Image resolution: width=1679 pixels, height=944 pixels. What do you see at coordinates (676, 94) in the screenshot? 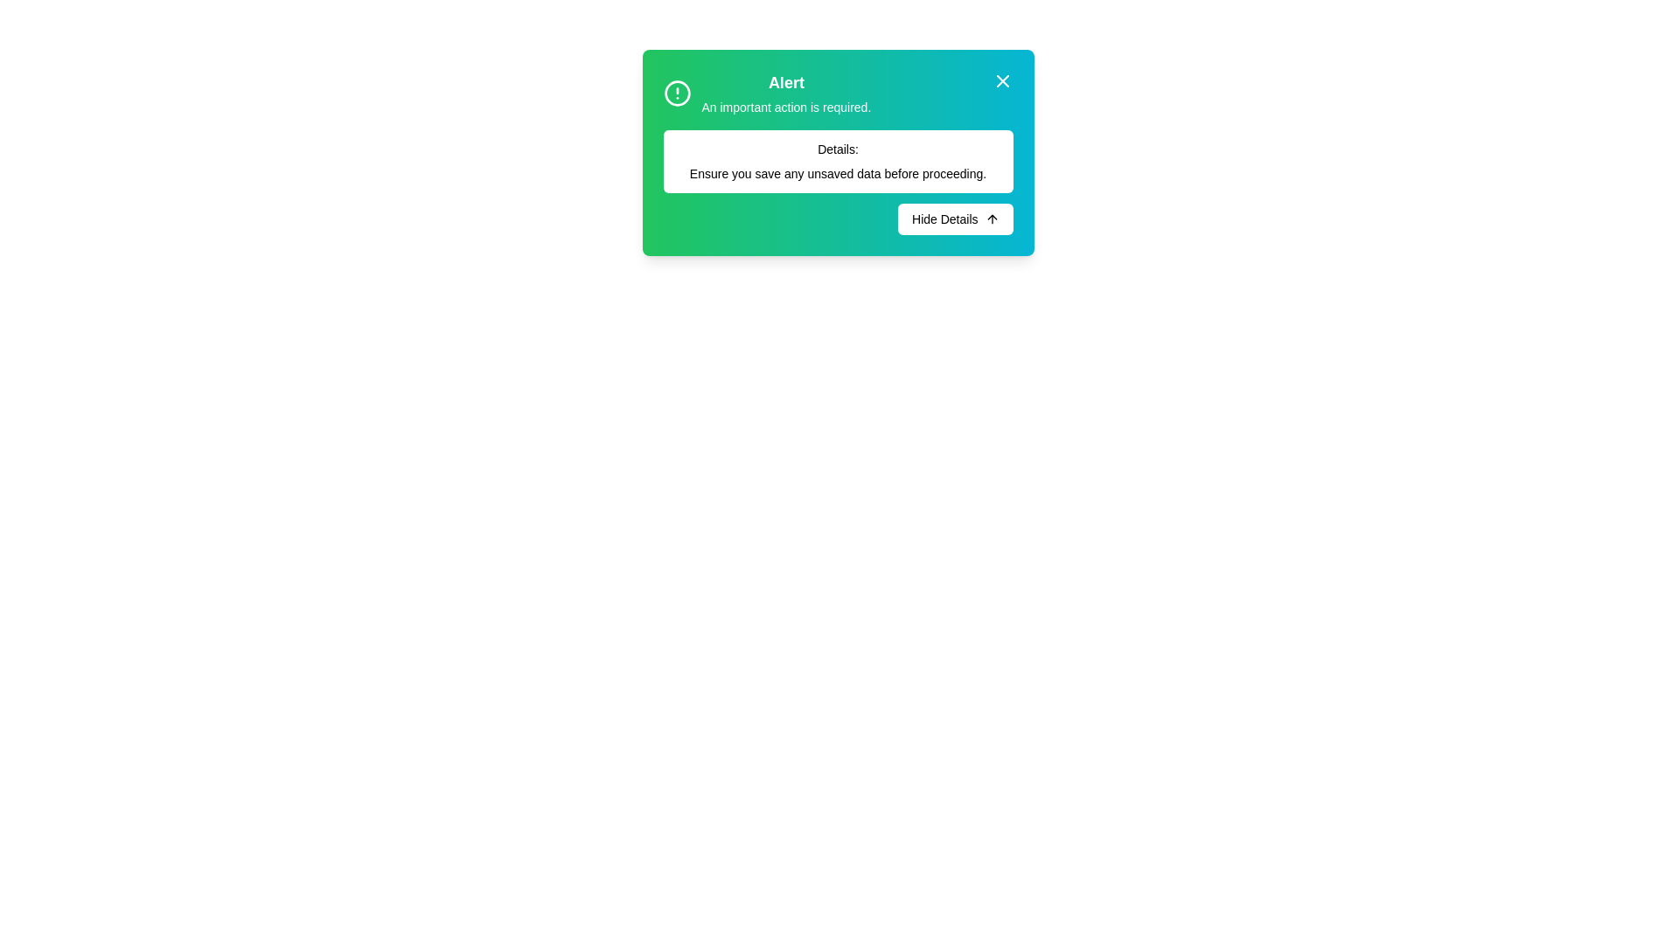
I see `the circular SVG graphic located in the upper-left corner of the alert dialog box, which serves as a visual indicator for alerts` at bounding box center [676, 94].